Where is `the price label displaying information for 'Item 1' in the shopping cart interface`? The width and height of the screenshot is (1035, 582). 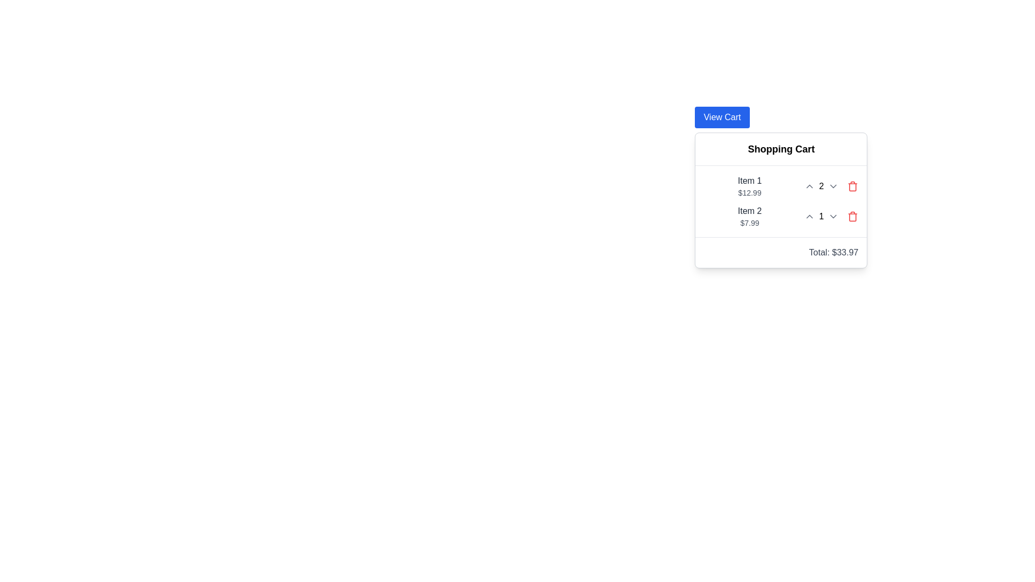
the price label displaying information for 'Item 1' in the shopping cart interface is located at coordinates (749, 192).